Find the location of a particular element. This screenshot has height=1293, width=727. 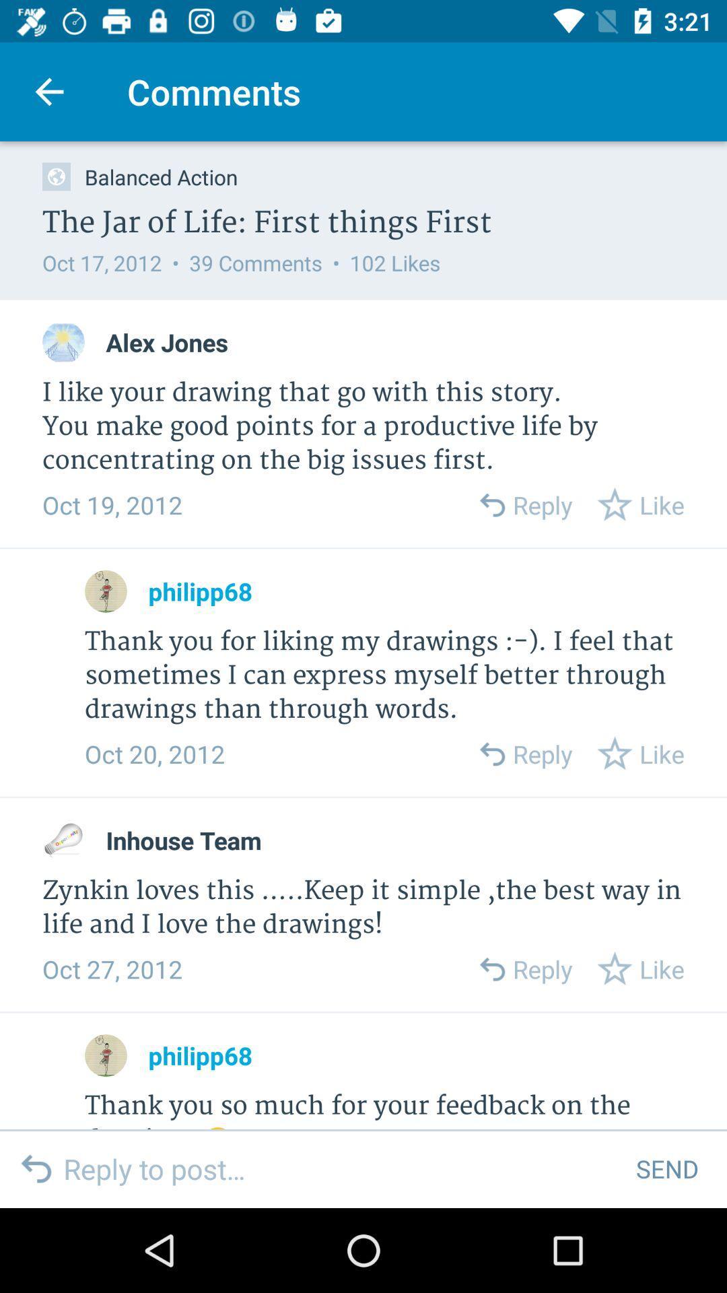

profile is located at coordinates (63, 342).